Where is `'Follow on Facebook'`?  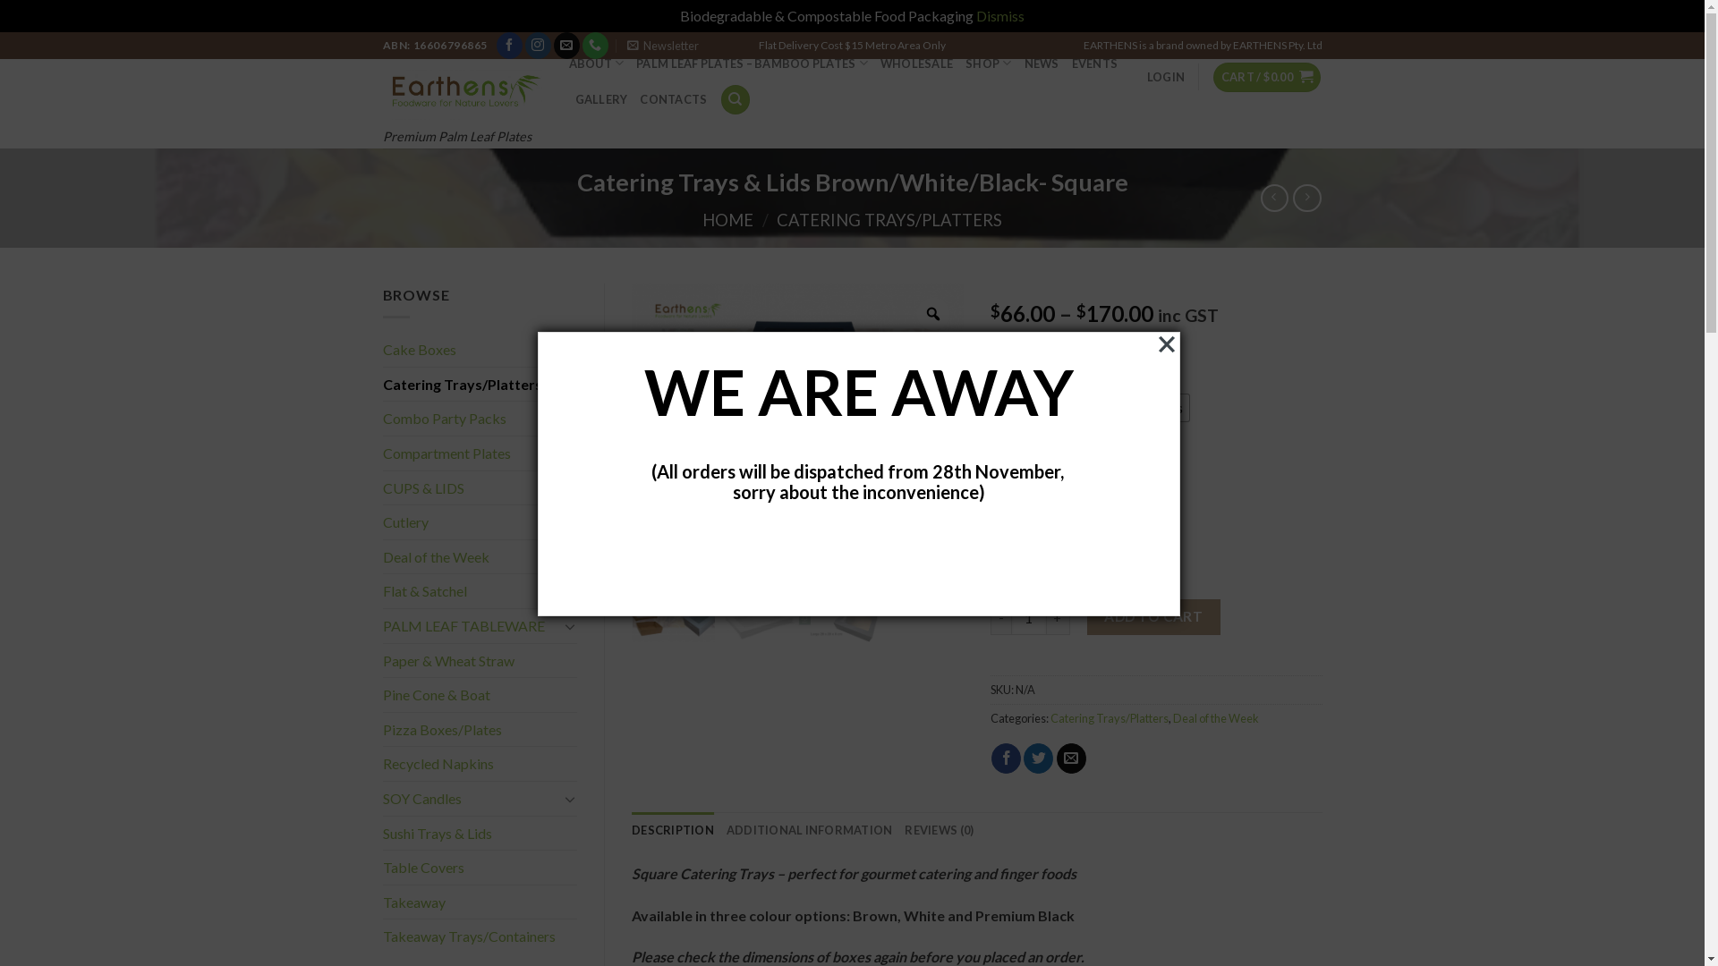 'Follow on Facebook' is located at coordinates (508, 44).